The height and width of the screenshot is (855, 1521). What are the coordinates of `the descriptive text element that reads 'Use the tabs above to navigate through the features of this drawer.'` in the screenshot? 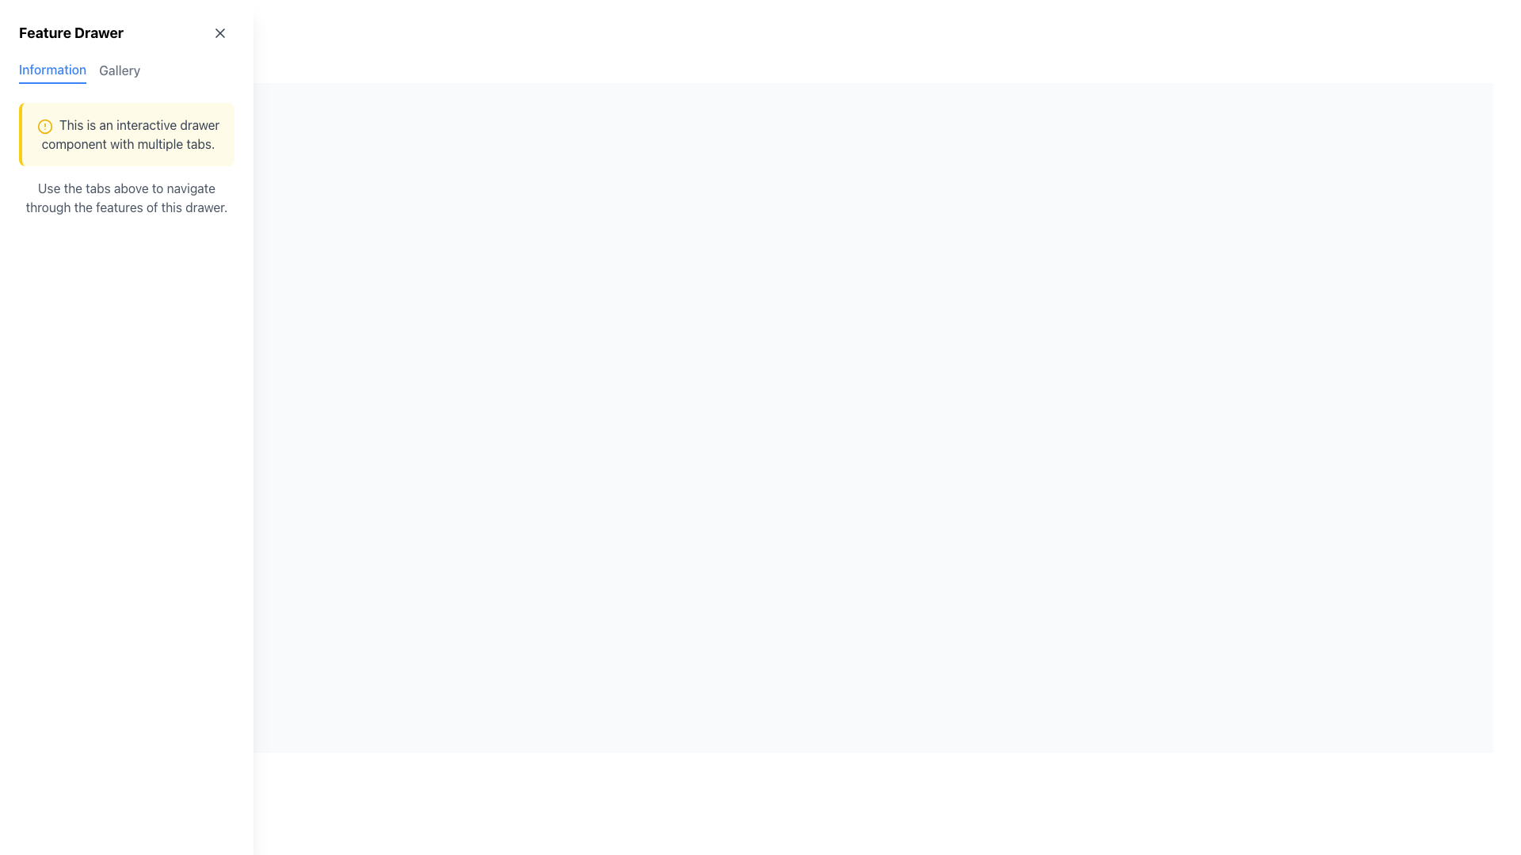 It's located at (125, 197).